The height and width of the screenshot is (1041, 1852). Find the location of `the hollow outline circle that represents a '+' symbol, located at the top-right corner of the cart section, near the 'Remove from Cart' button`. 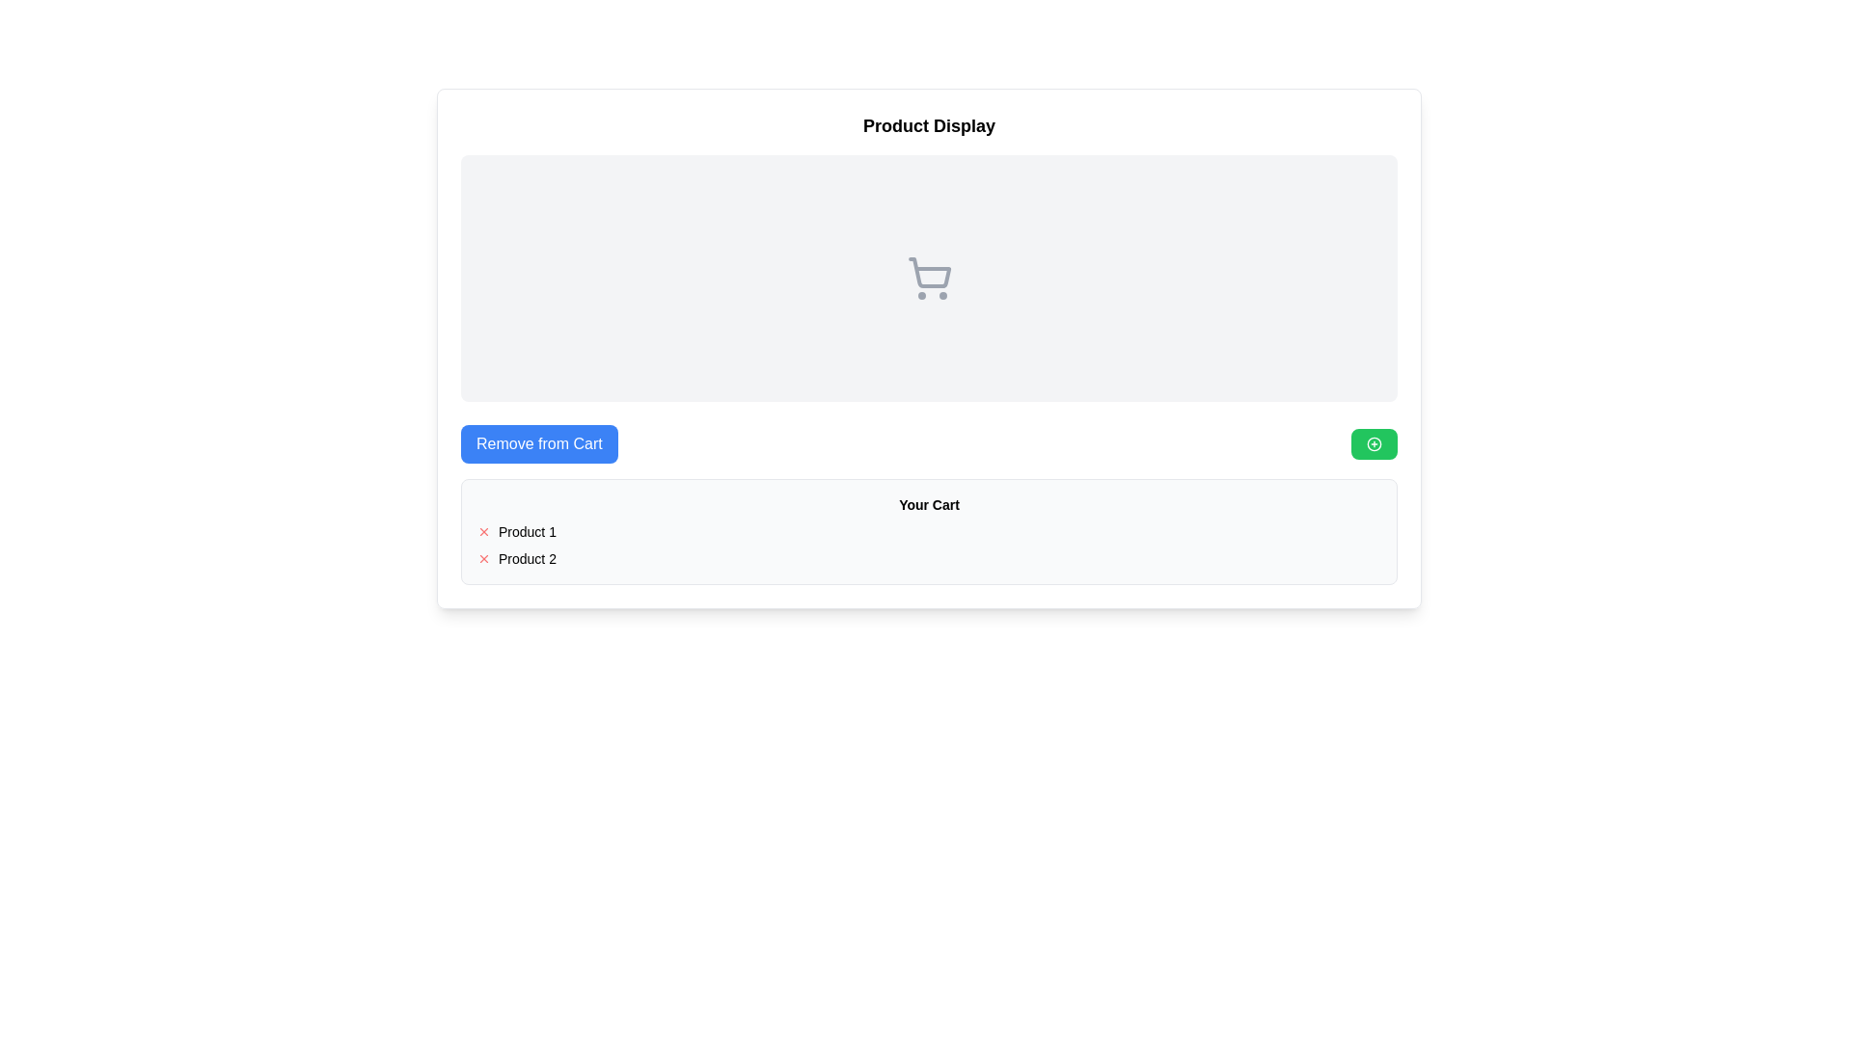

the hollow outline circle that represents a '+' symbol, located at the top-right corner of the cart section, near the 'Remove from Cart' button is located at coordinates (1374, 444).